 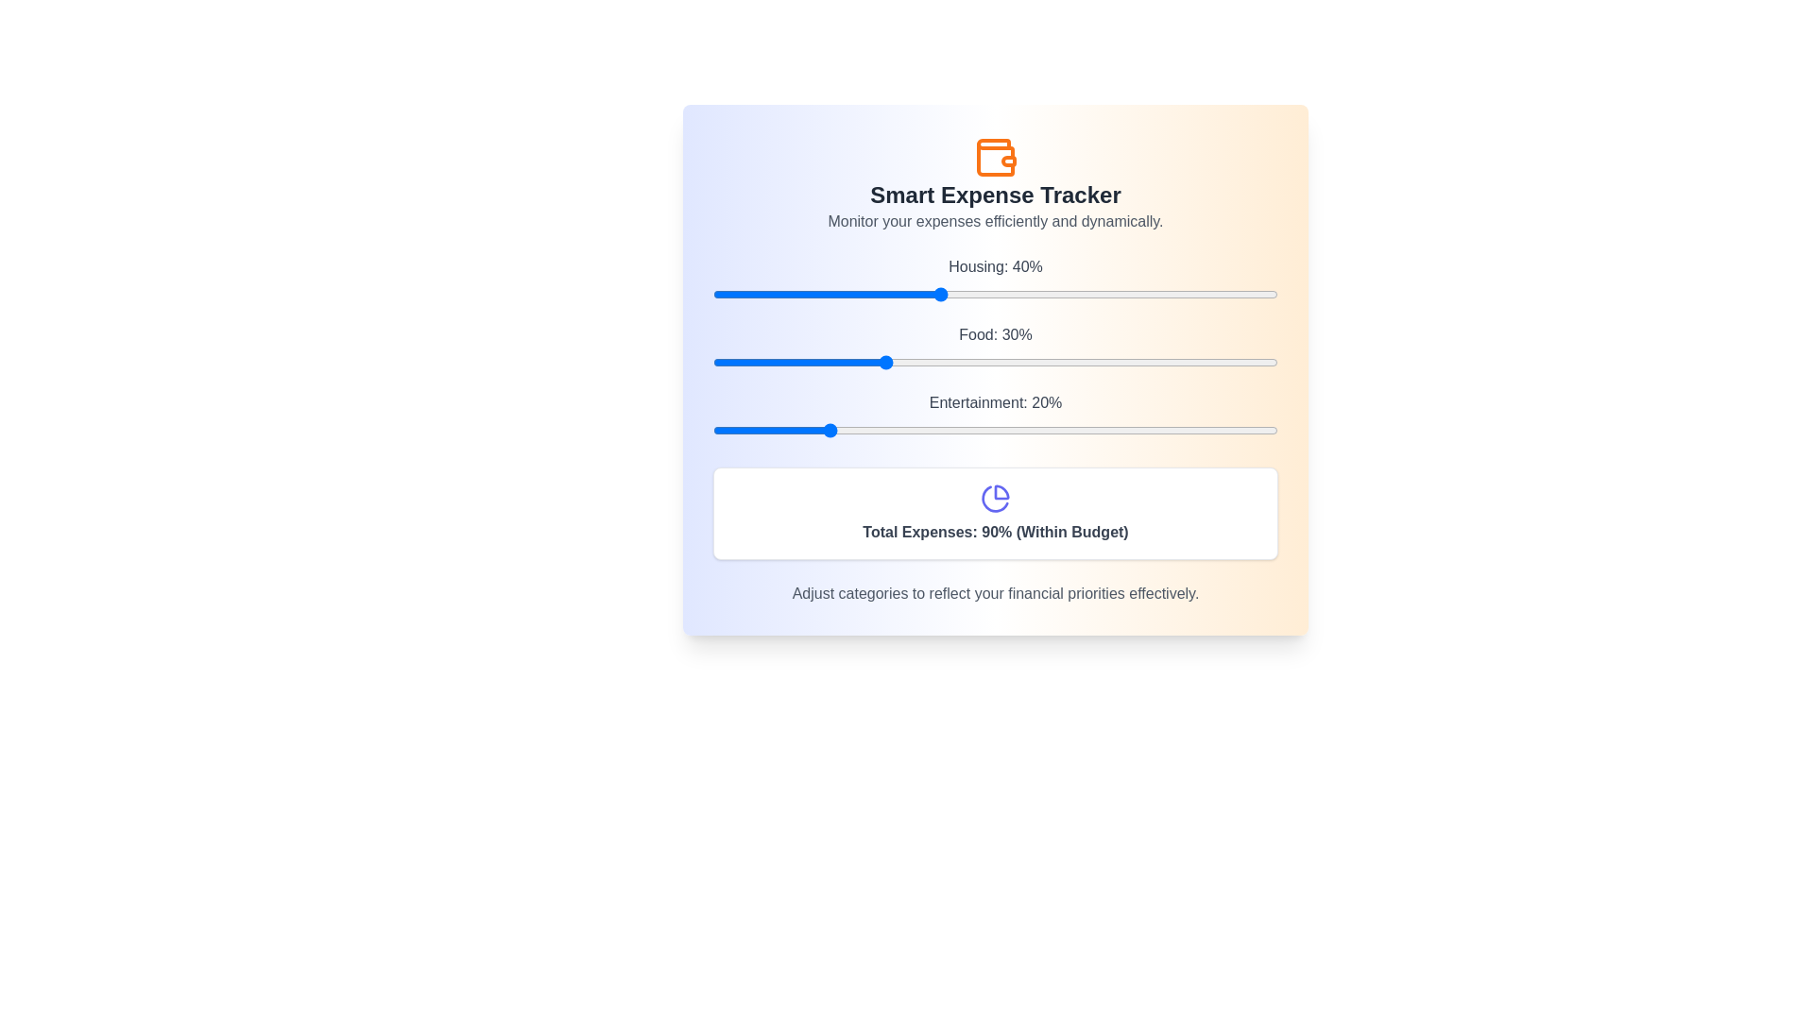 What do you see at coordinates (911, 430) in the screenshot?
I see `the Entertainment slider to 35%` at bounding box center [911, 430].